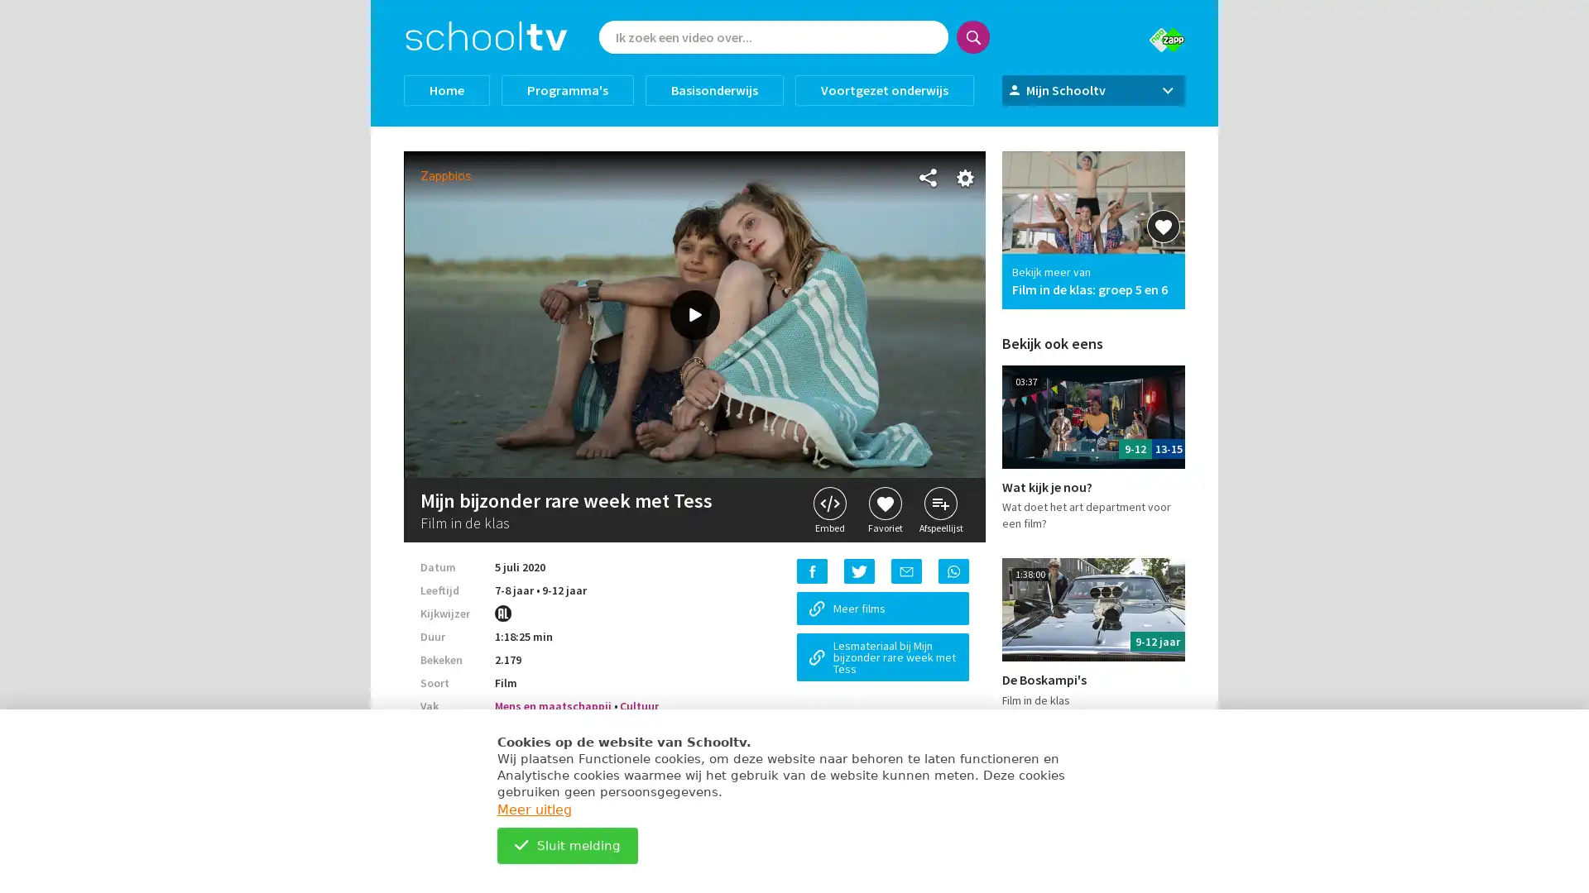 This screenshot has width=1589, height=893. I want to click on Wijzig, so click(793, 351).